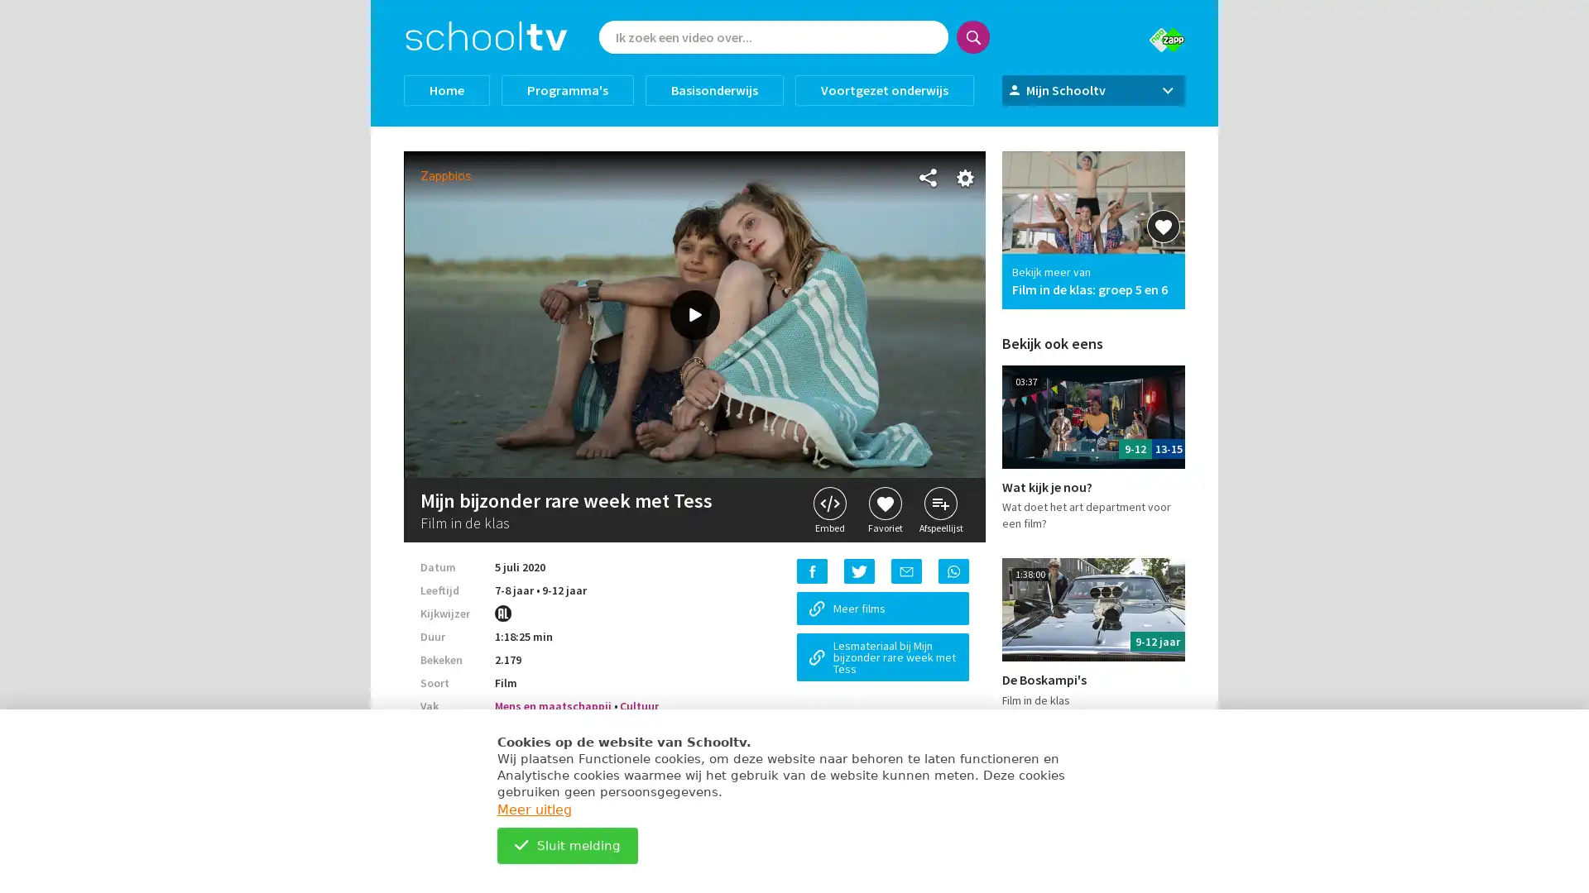 This screenshot has width=1589, height=893. I want to click on Wijzig, so click(793, 351).